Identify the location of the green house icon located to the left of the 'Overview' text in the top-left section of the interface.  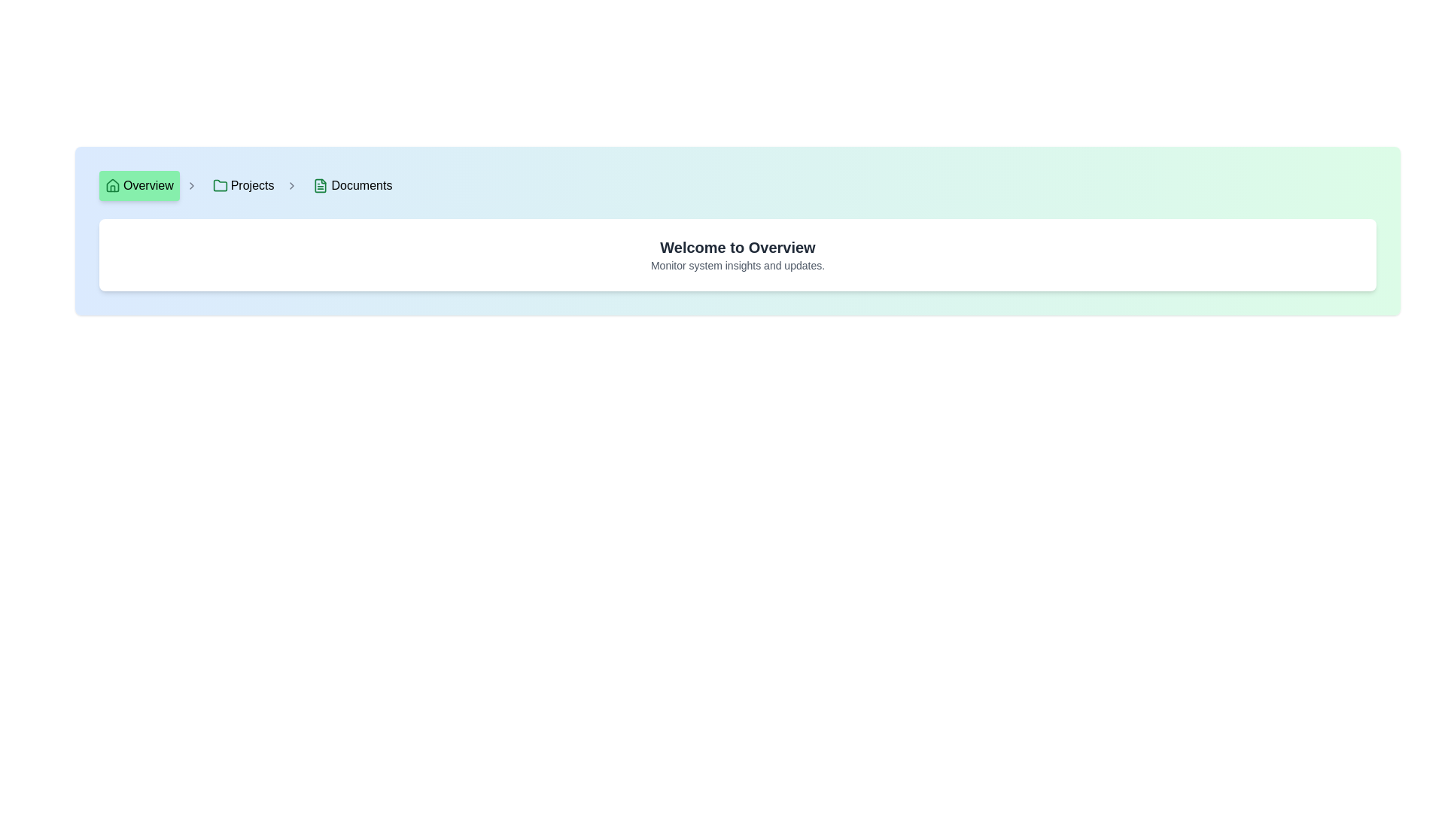
(111, 184).